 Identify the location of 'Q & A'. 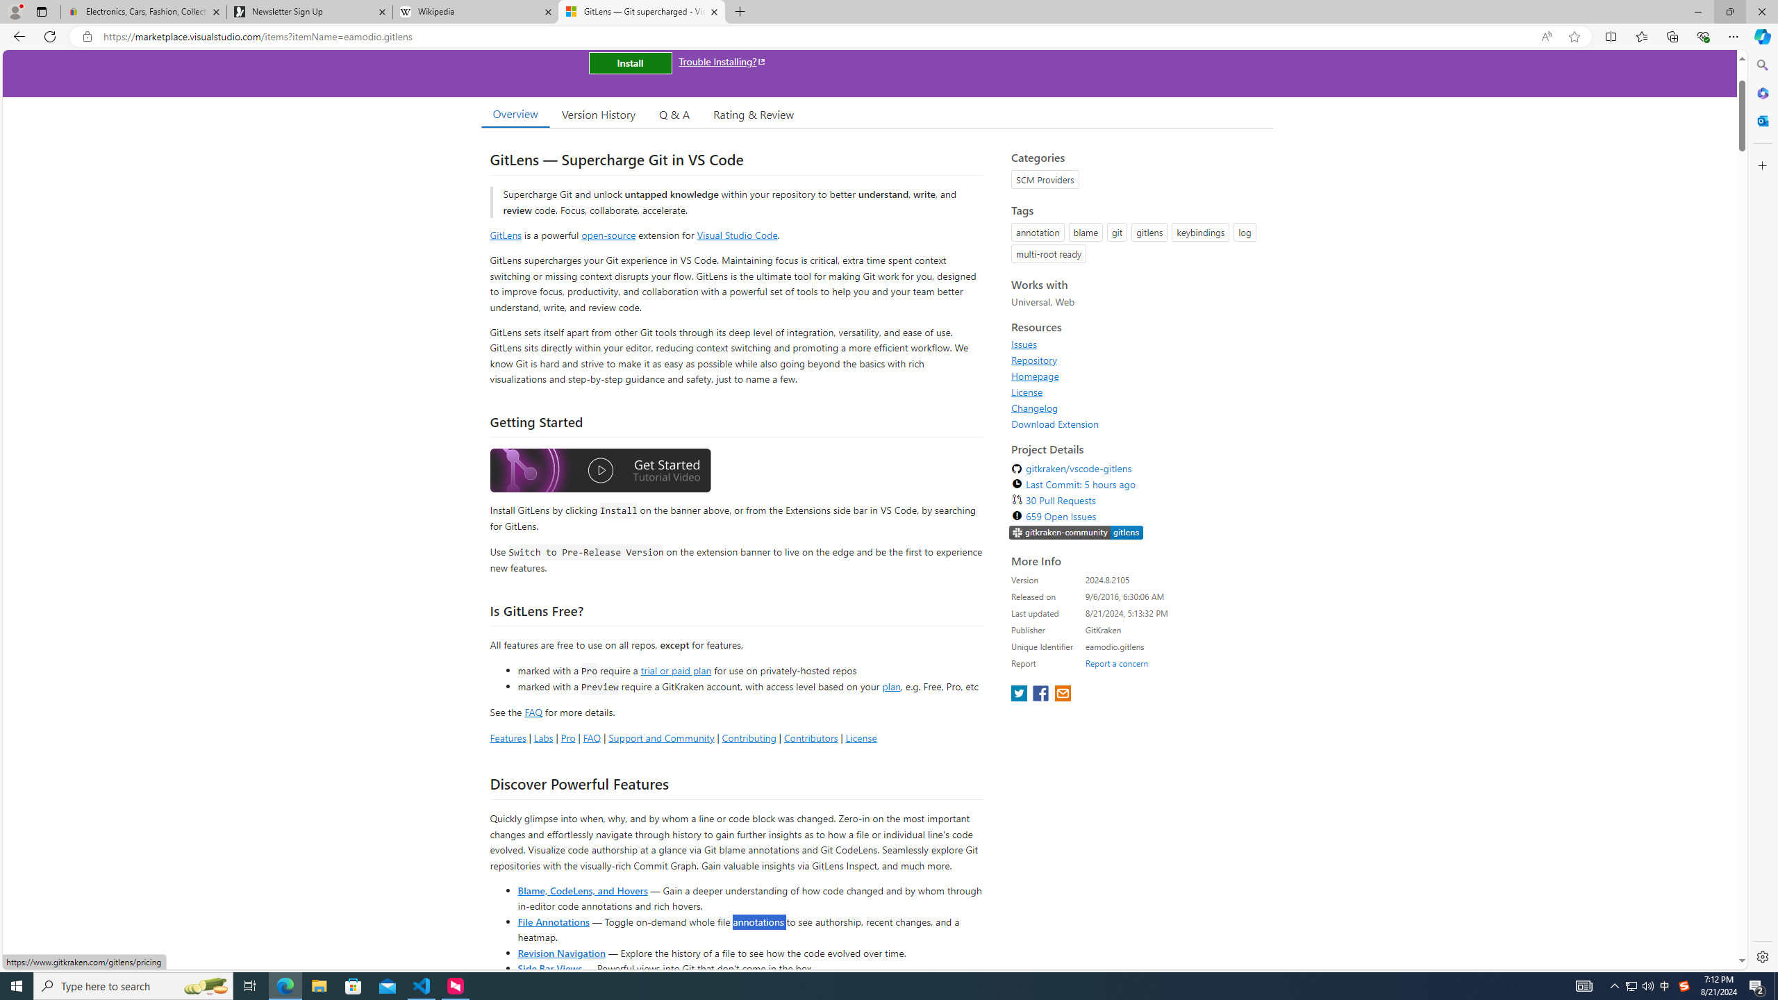
(674, 114).